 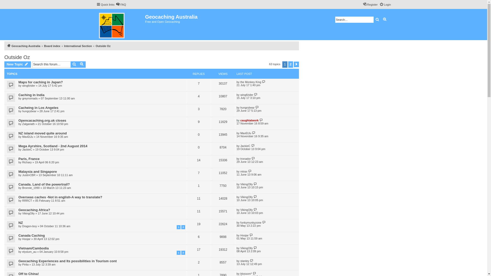 What do you see at coordinates (27, 162) in the screenshot?
I see `'Richary'` at bounding box center [27, 162].